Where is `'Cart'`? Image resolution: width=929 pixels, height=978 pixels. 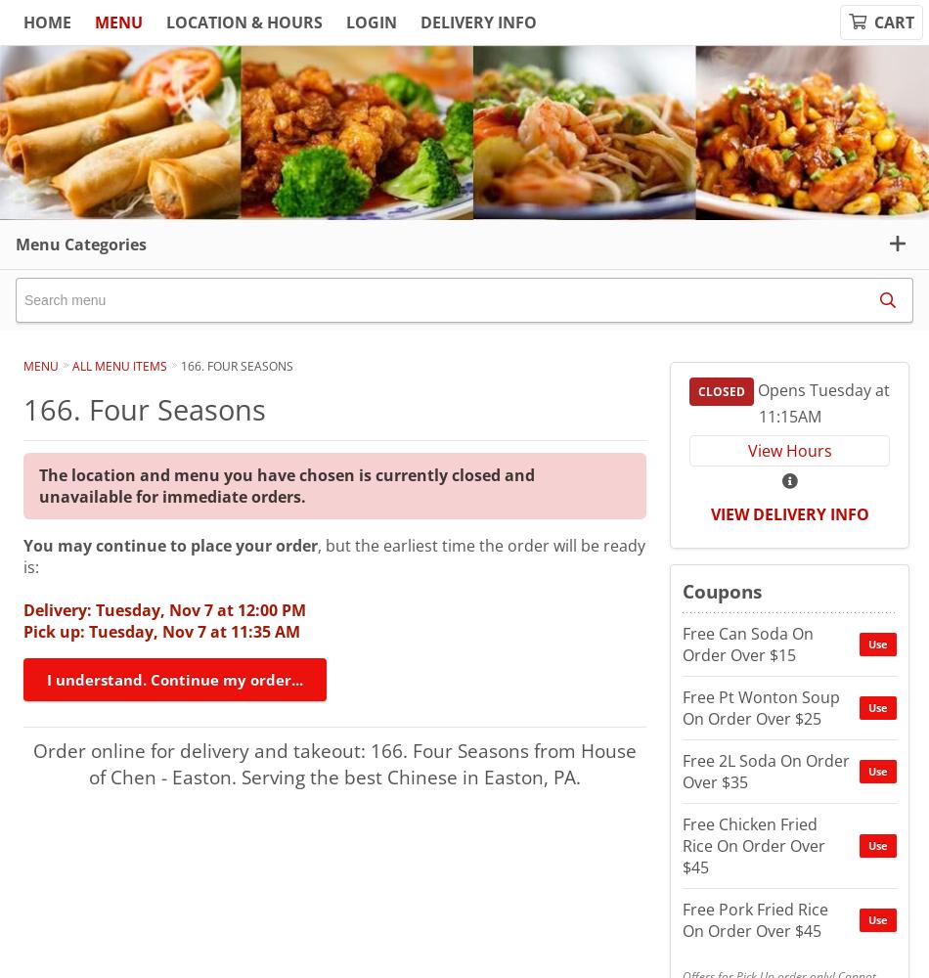
'Cart' is located at coordinates (892, 22).